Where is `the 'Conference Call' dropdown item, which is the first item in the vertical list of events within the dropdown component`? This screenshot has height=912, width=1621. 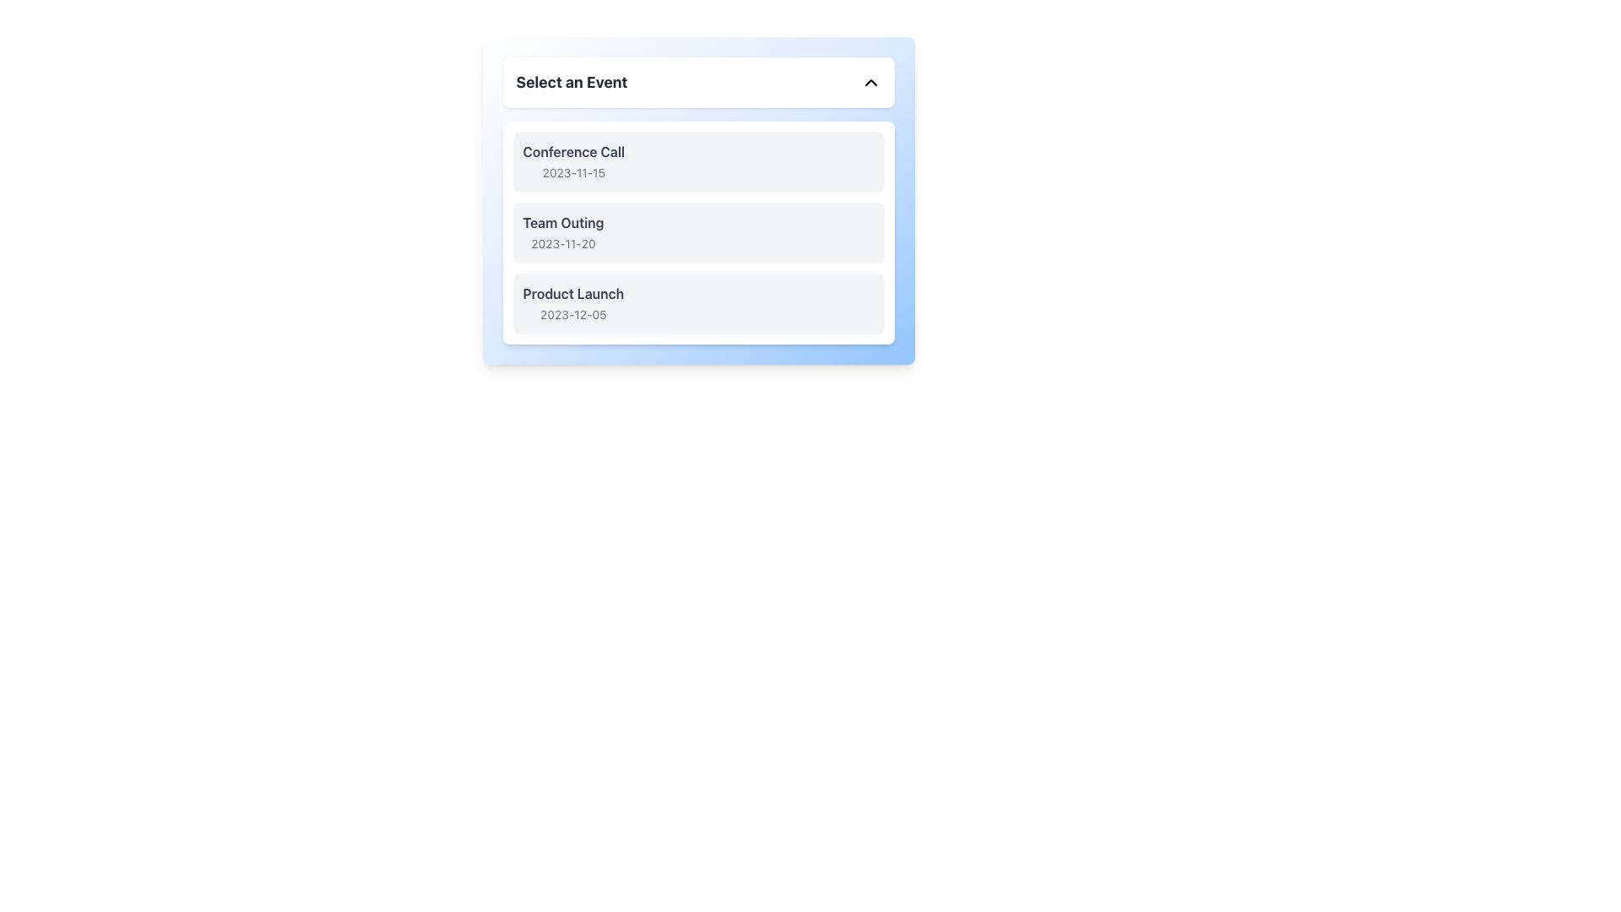
the 'Conference Call' dropdown item, which is the first item in the vertical list of events within the dropdown component is located at coordinates (573, 162).